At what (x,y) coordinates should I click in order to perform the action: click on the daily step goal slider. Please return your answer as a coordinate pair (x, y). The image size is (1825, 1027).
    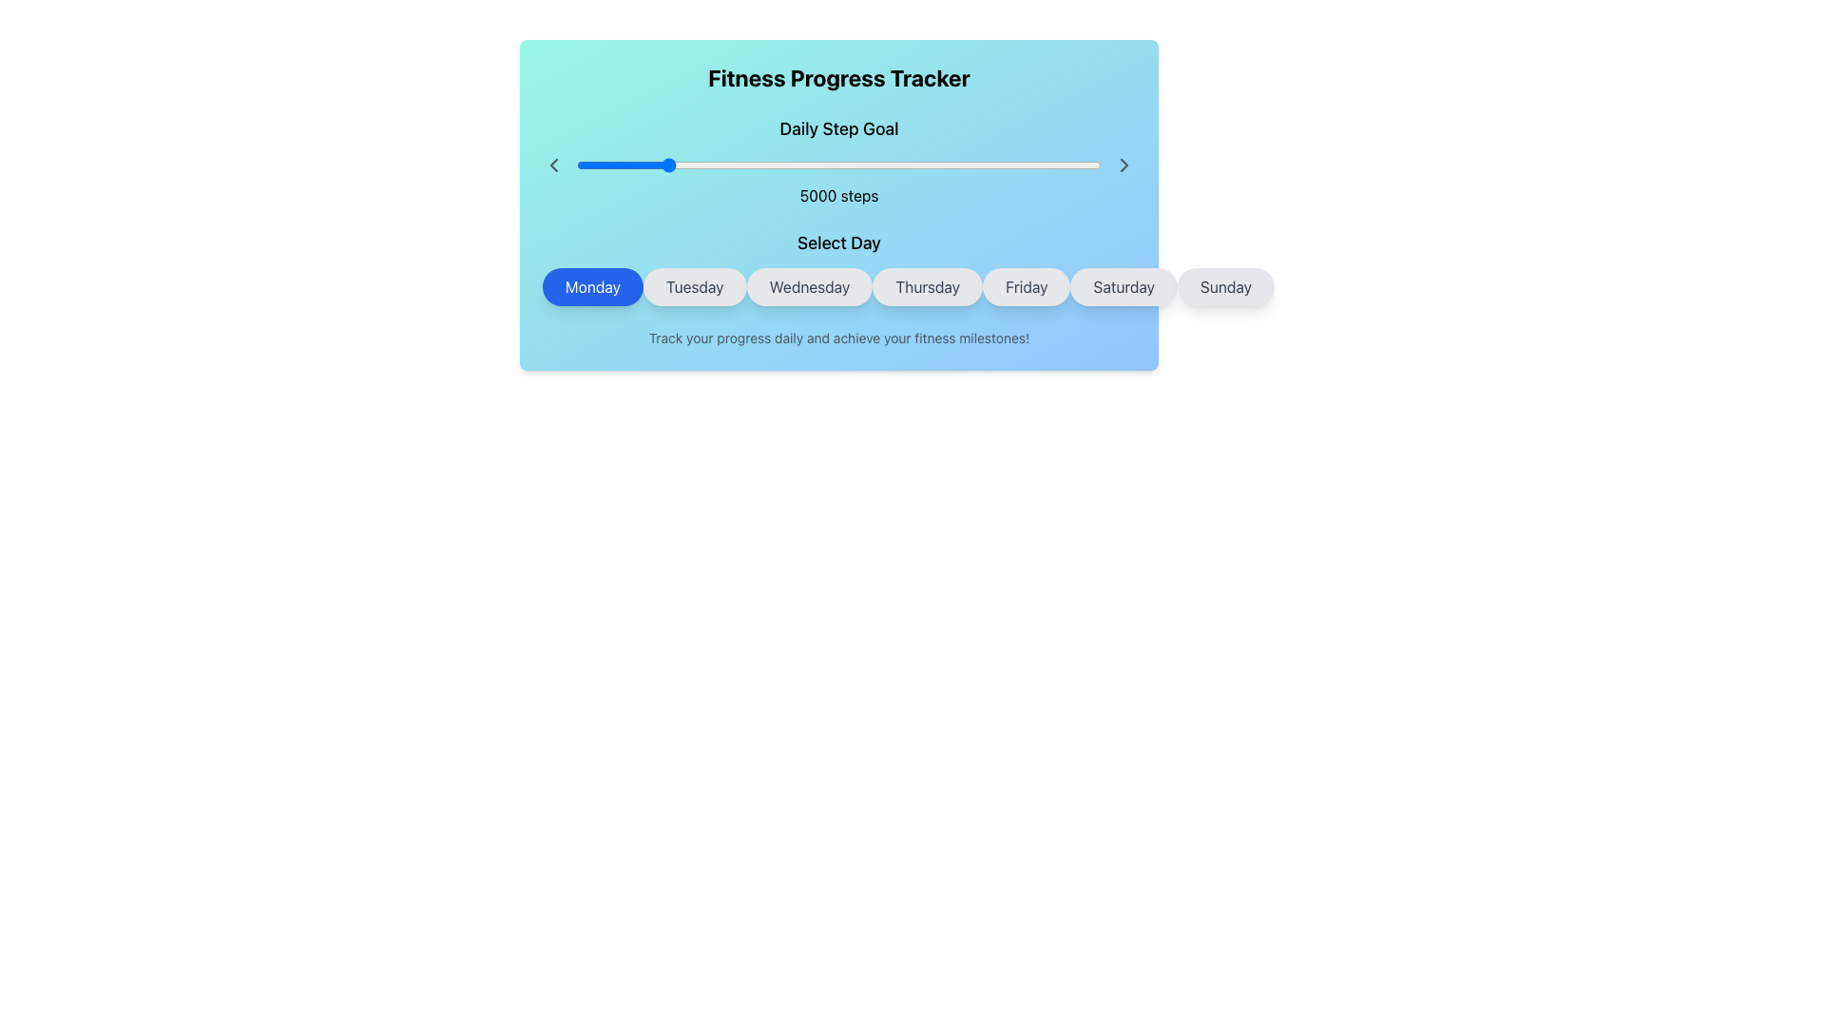
    Looking at the image, I should click on (625, 164).